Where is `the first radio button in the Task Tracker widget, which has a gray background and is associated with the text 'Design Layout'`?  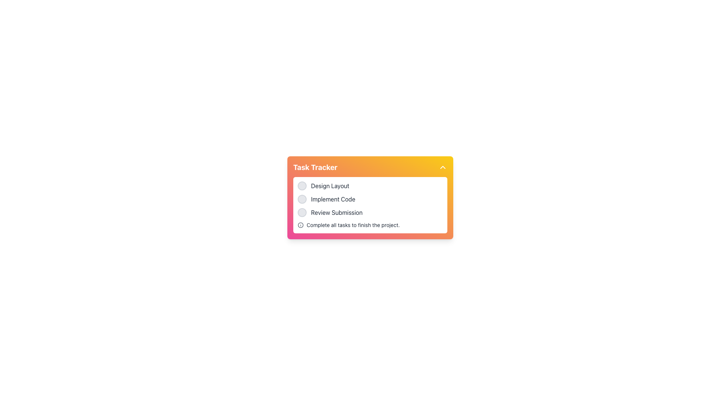 the first radio button in the Task Tracker widget, which has a gray background and is associated with the text 'Design Layout' is located at coordinates (302, 185).